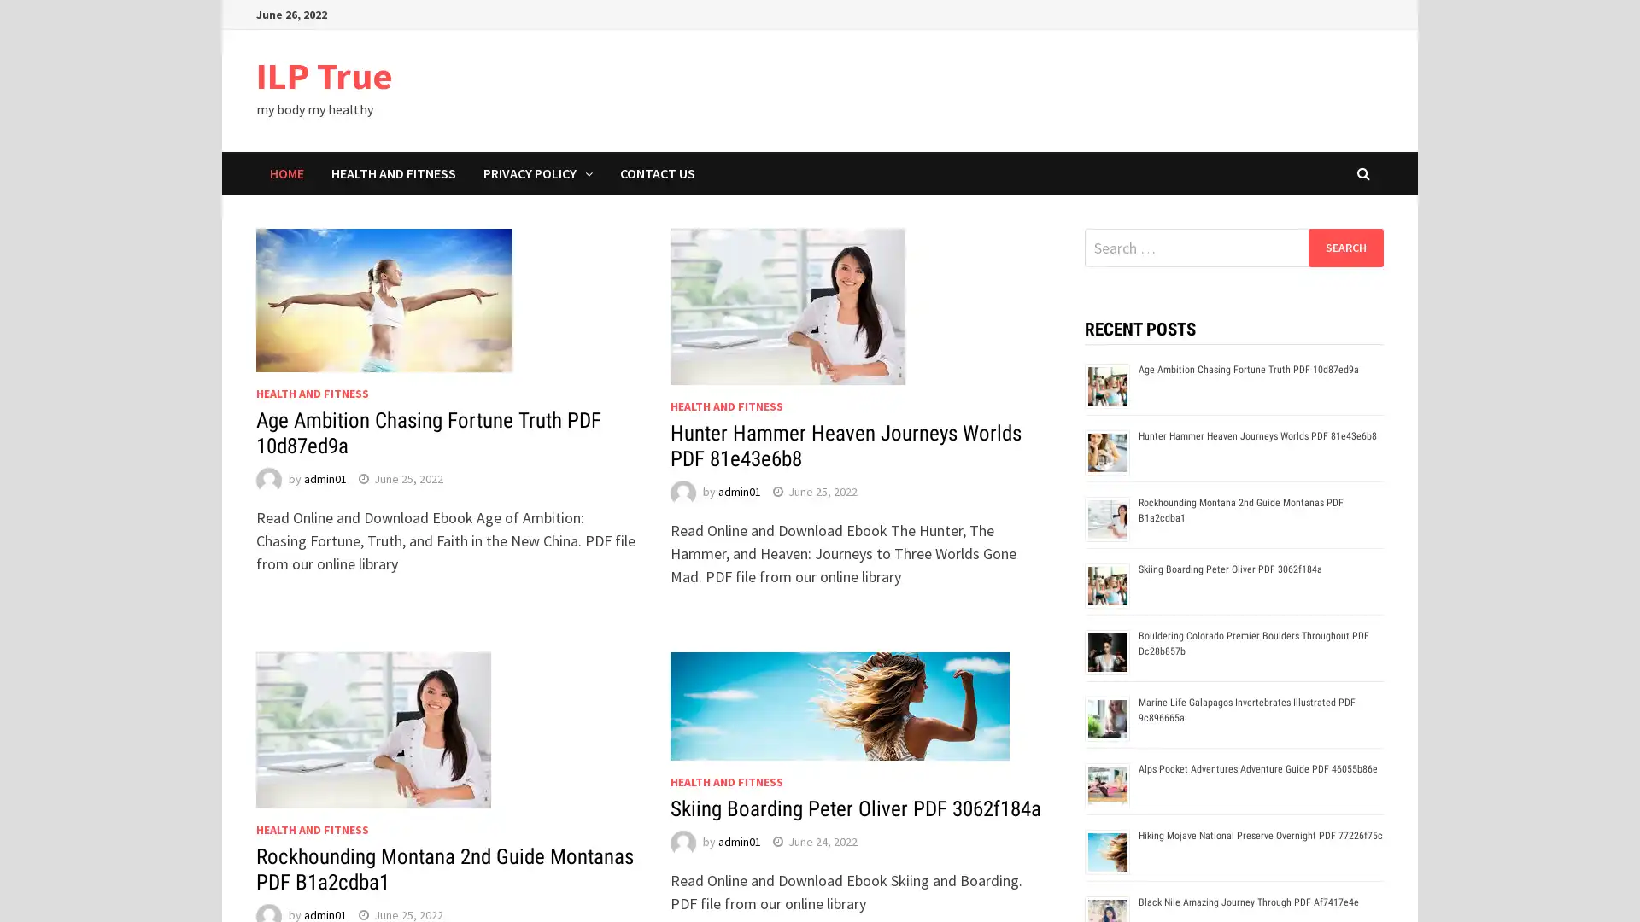 The image size is (1640, 922). Describe the element at coordinates (1344, 247) in the screenshot. I see `Search` at that location.